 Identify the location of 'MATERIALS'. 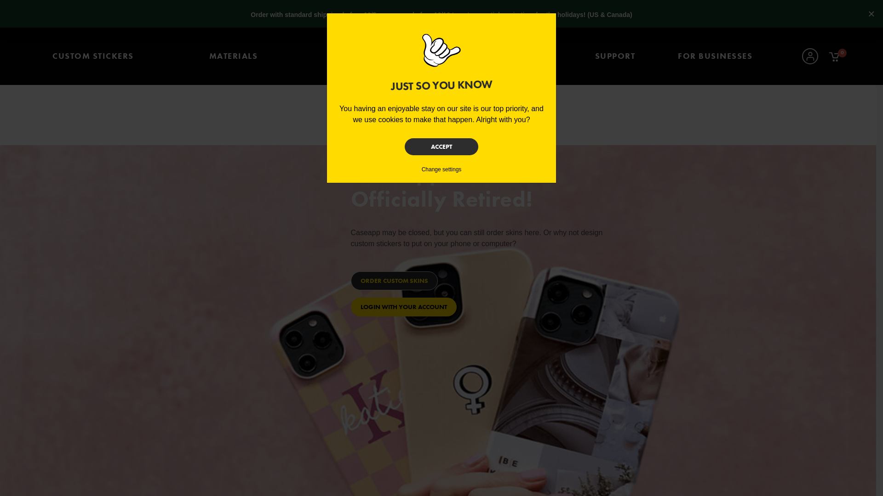
(234, 56).